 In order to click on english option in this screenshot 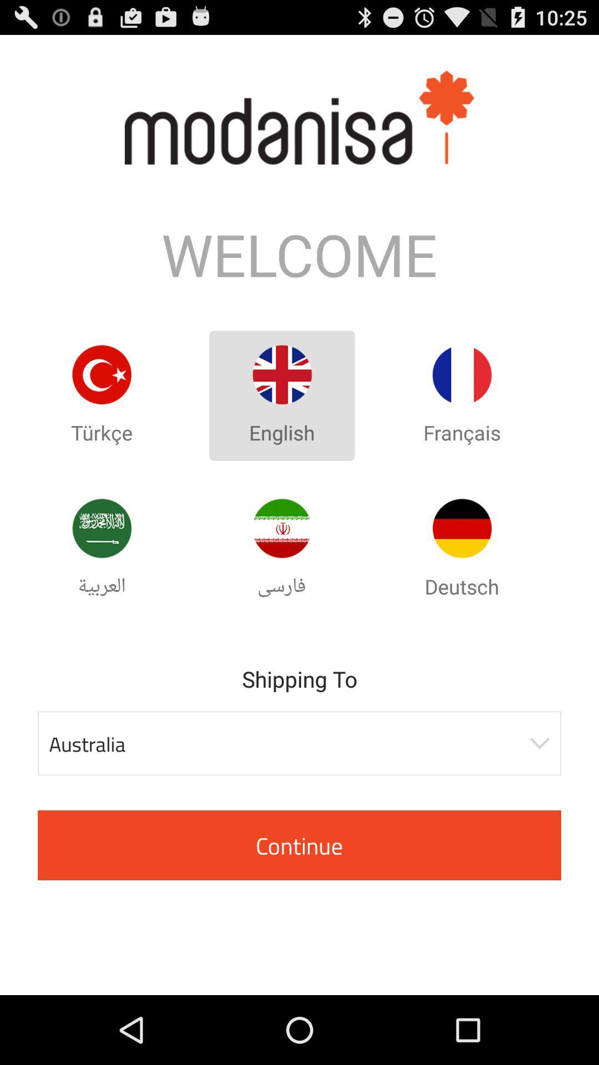, I will do `click(281, 374)`.